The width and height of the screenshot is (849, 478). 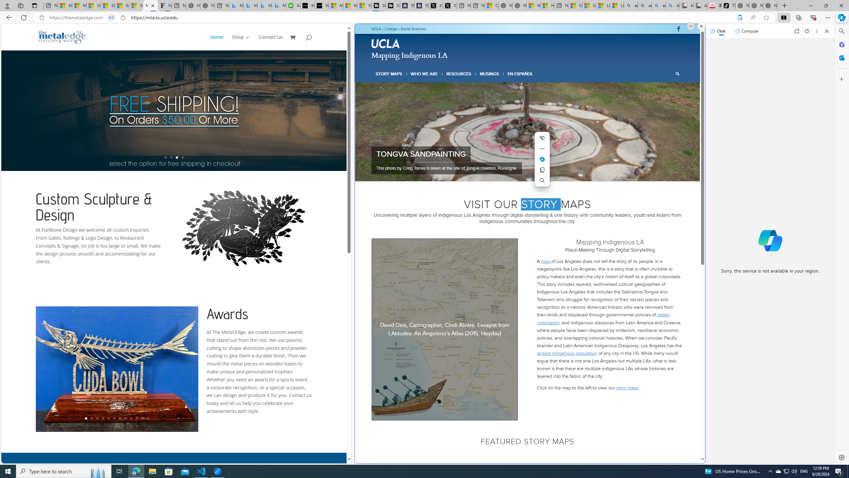 What do you see at coordinates (645, 5) in the screenshot?
I see `'amazon - Search'` at bounding box center [645, 5].